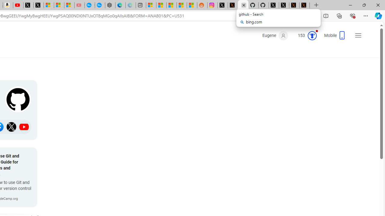 The height and width of the screenshot is (216, 385). I want to click on 'Shanghai, China hourly forecast | Microsoft Weather', so click(171, 5).